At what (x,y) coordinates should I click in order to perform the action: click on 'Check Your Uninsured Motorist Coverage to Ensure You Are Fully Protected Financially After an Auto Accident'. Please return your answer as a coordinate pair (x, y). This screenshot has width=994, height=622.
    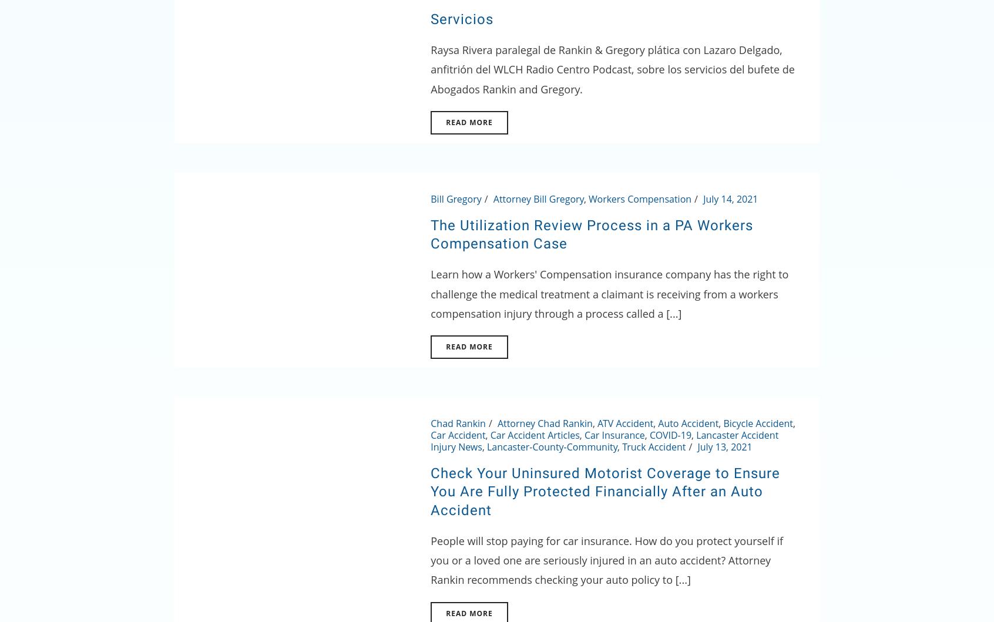
    Looking at the image, I should click on (429, 491).